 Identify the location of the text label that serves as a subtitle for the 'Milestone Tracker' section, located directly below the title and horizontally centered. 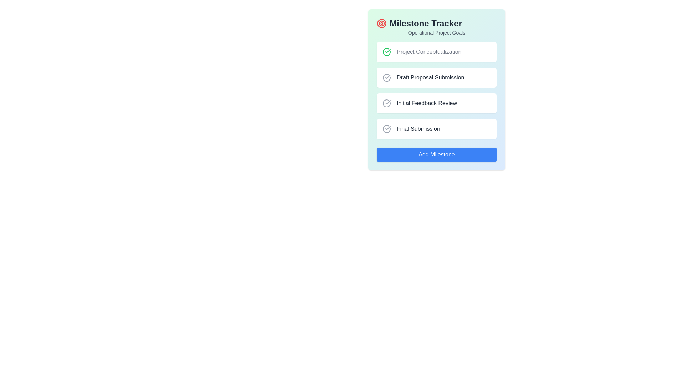
(436, 33).